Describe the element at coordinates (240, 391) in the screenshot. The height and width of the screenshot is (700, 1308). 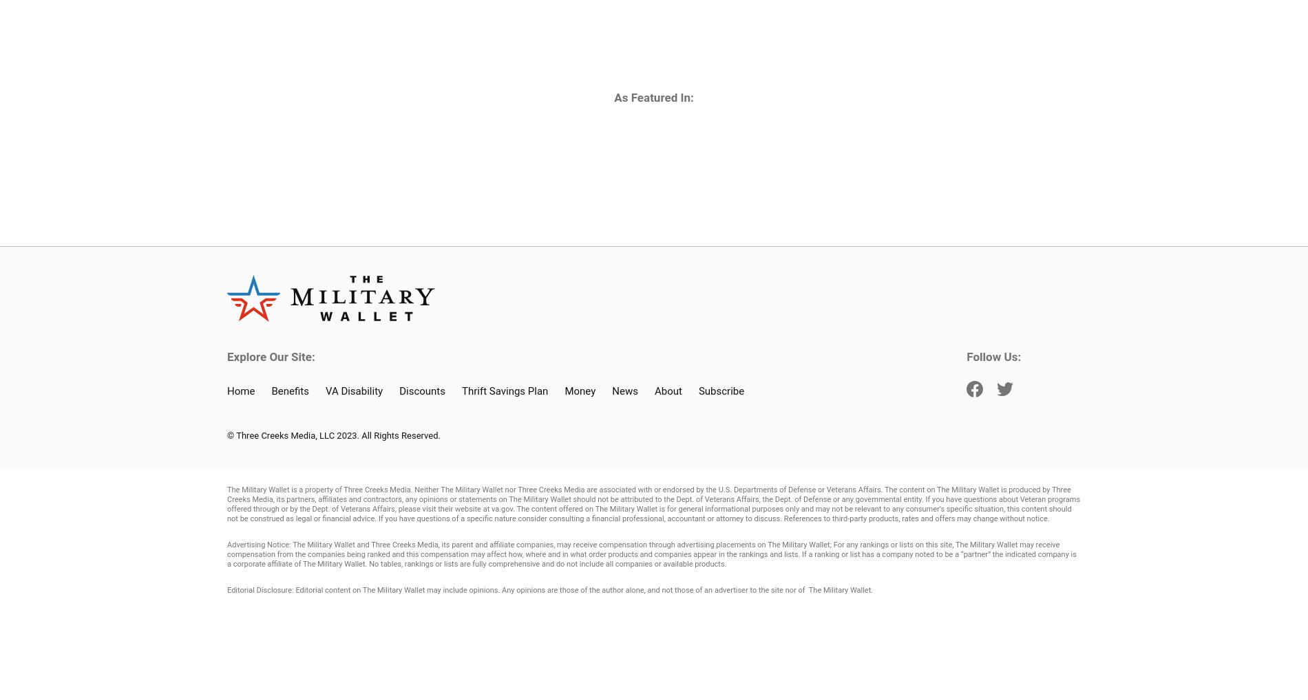
I see `'Home'` at that location.